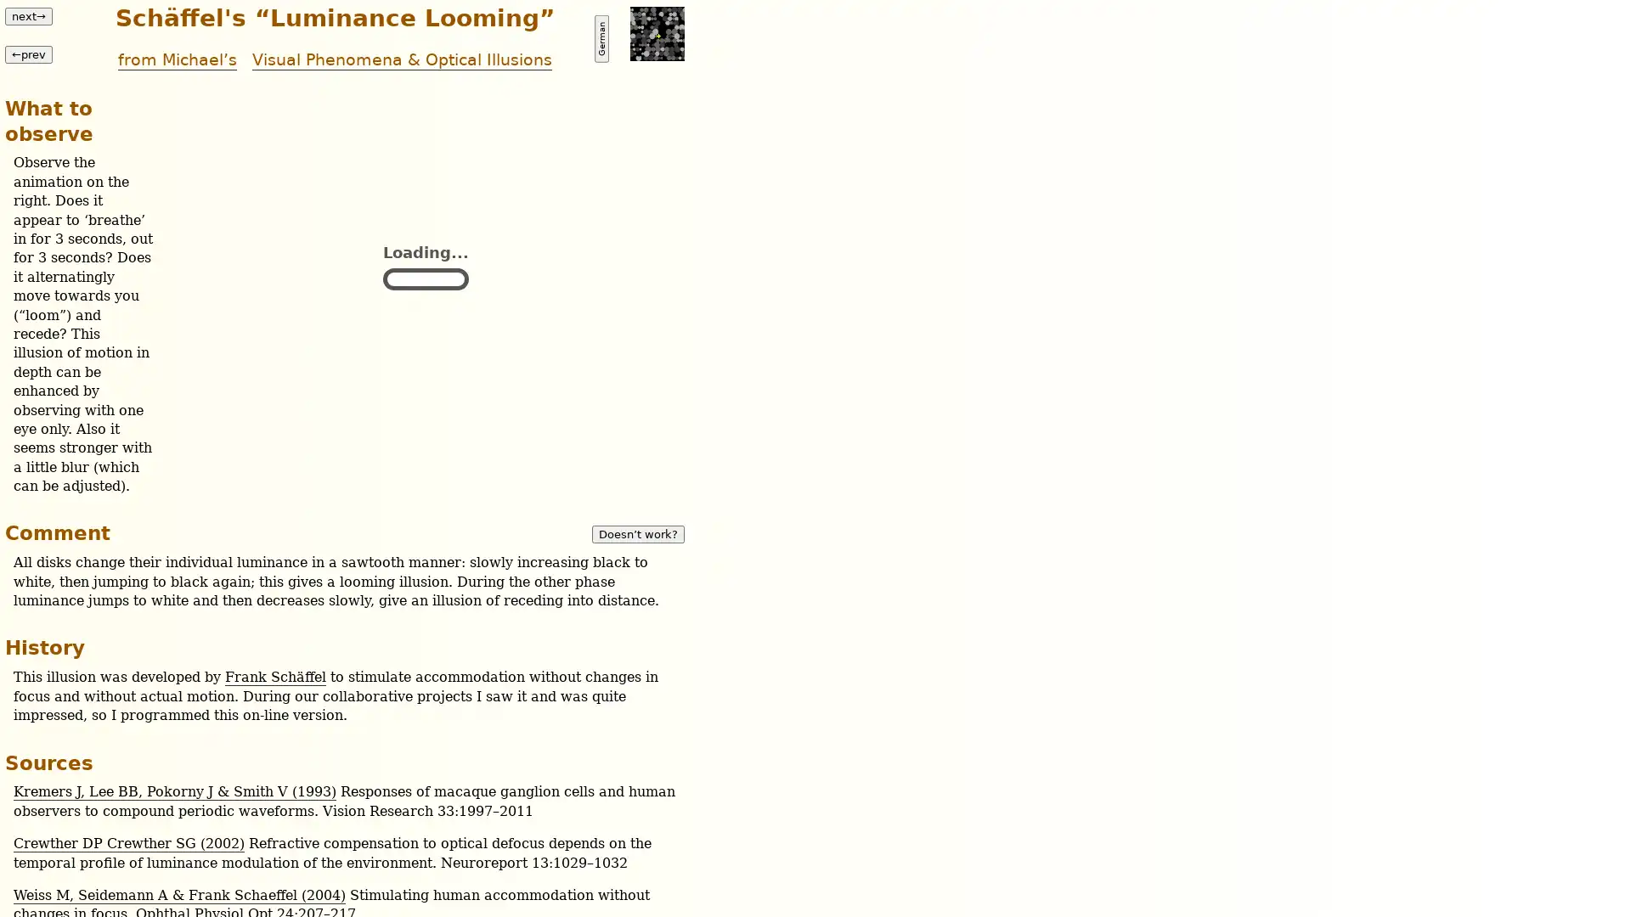 The height and width of the screenshot is (917, 1631). I want to click on Doesnt work?, so click(637, 532).